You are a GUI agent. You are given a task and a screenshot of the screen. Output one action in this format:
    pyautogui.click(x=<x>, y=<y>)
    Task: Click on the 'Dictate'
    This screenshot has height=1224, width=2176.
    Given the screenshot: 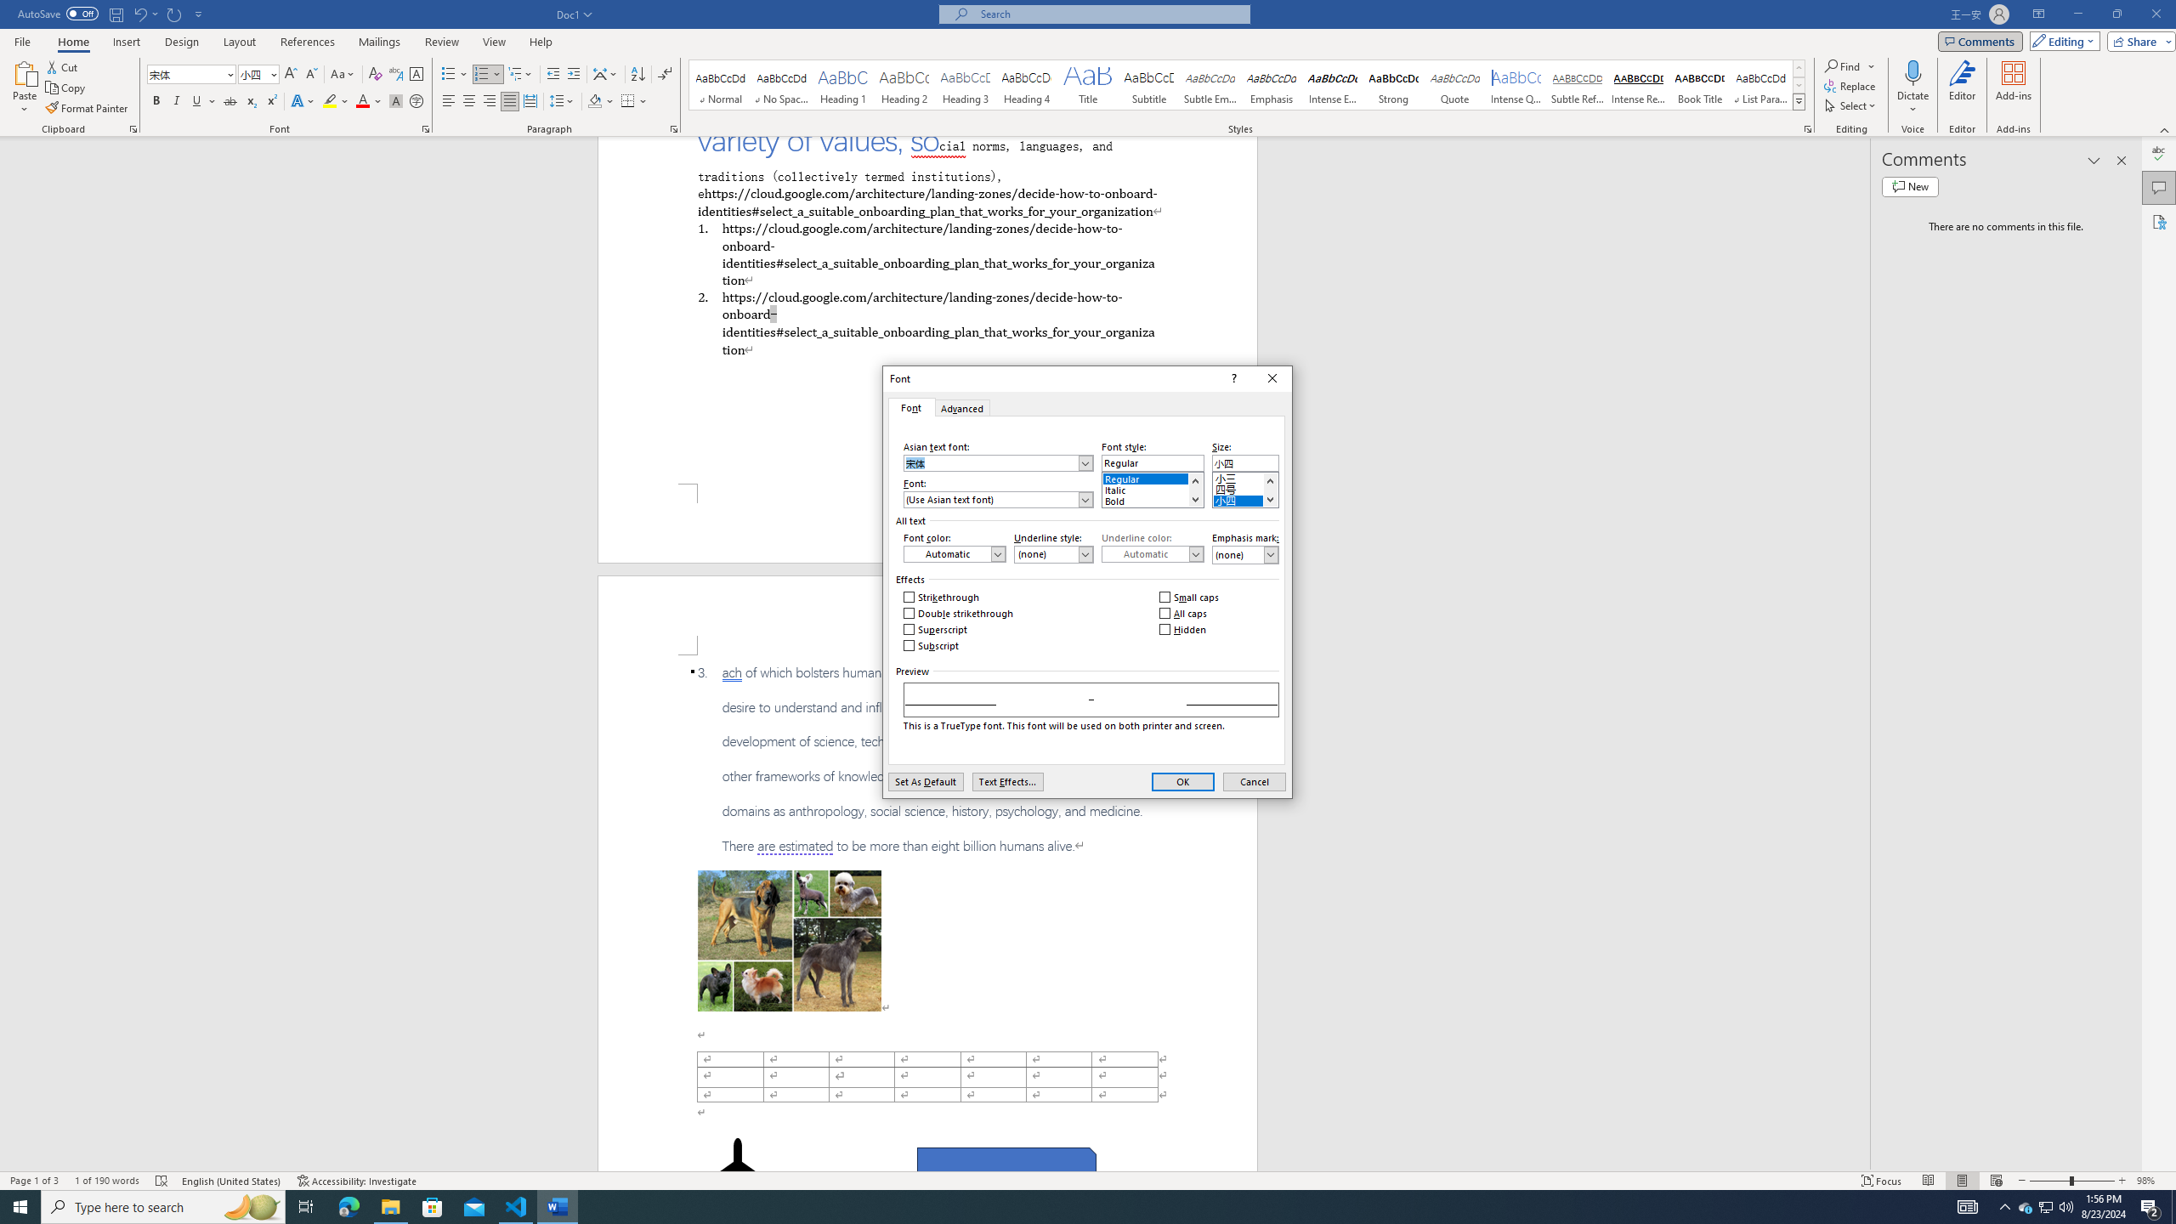 What is the action you would take?
    pyautogui.click(x=1912, y=71)
    